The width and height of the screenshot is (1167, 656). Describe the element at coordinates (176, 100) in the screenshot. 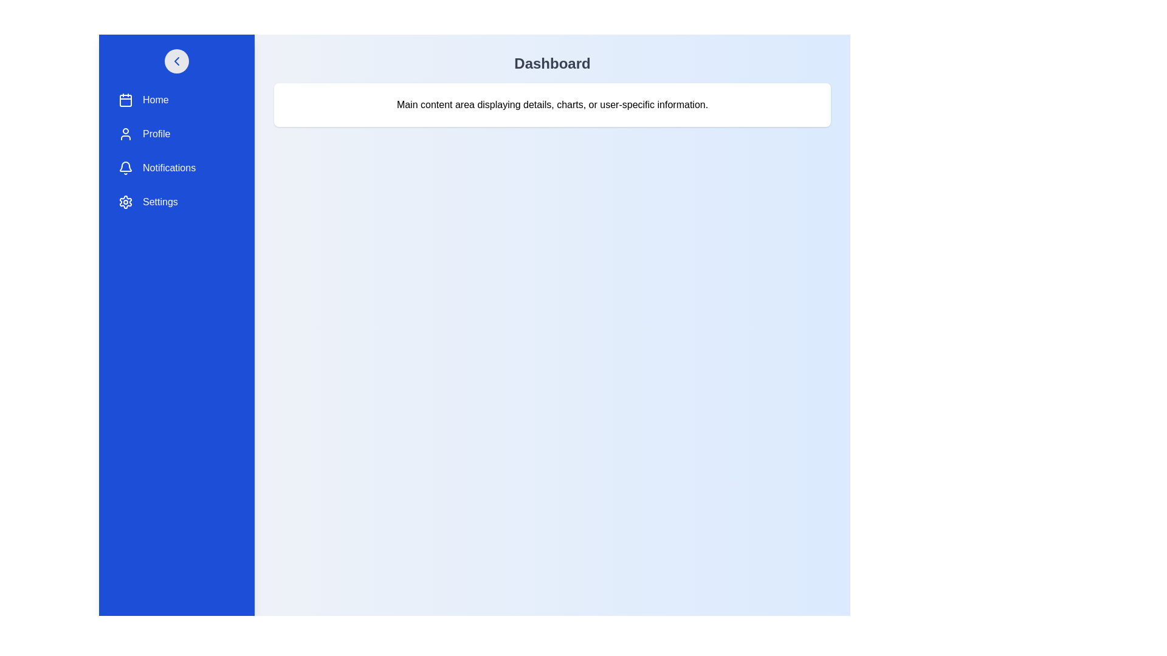

I see `the menu item Home` at that location.